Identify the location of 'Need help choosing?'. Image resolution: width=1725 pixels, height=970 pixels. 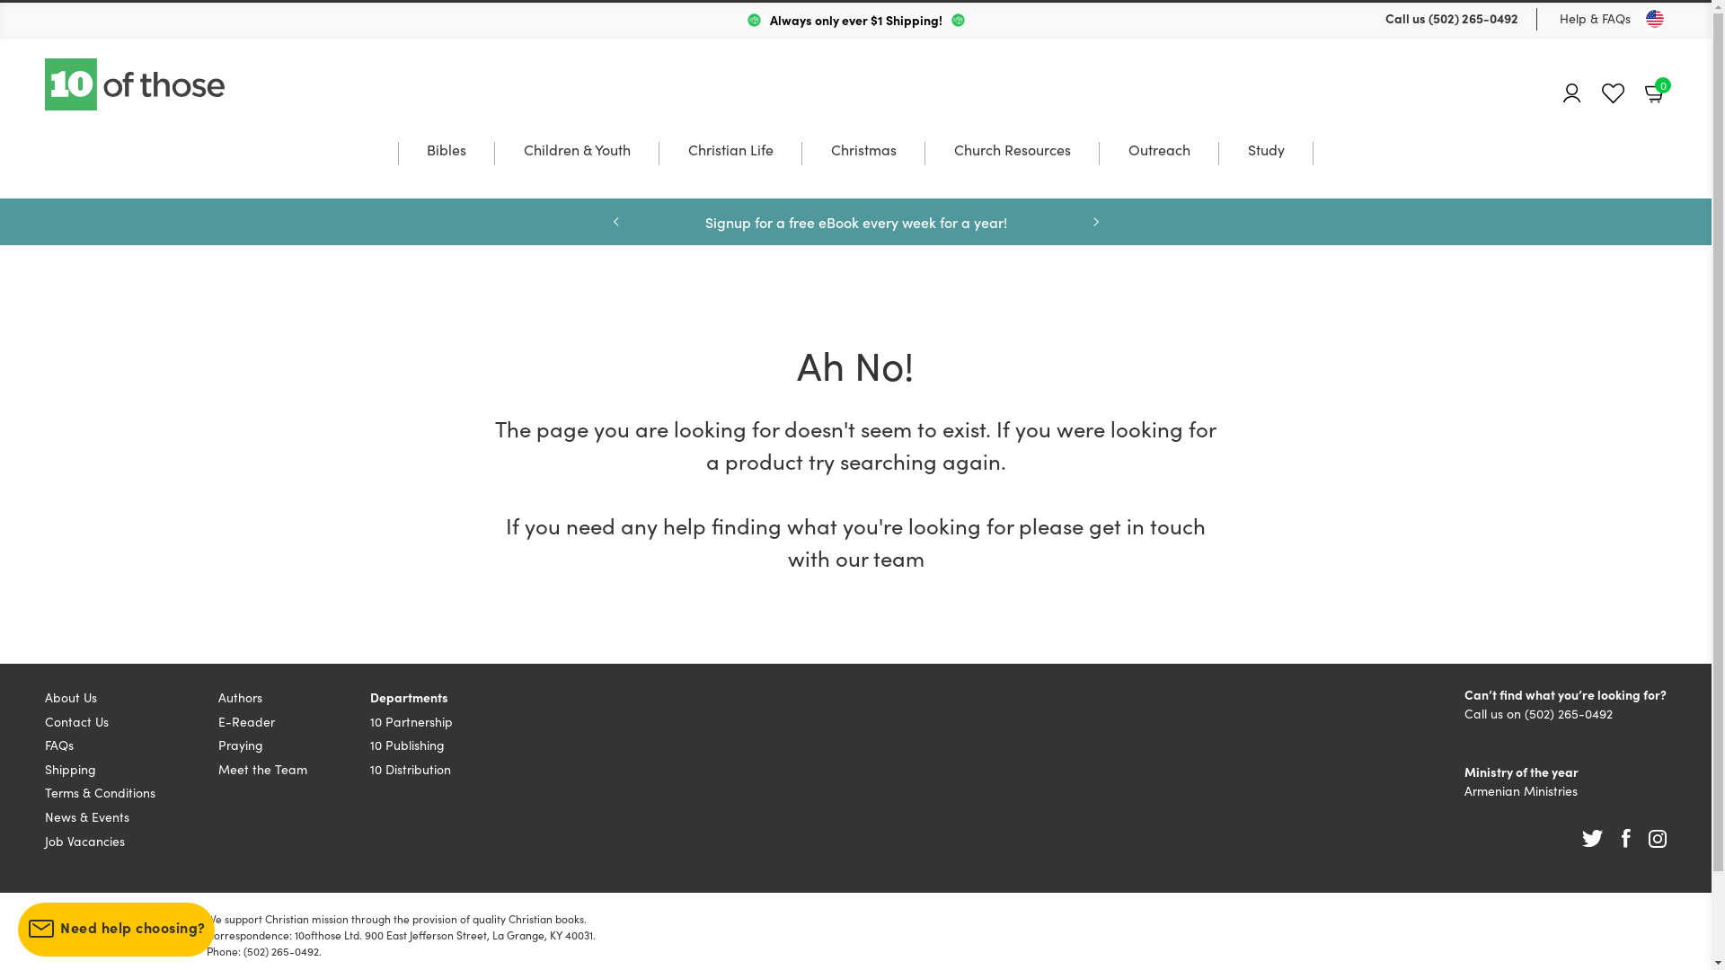
(115, 929).